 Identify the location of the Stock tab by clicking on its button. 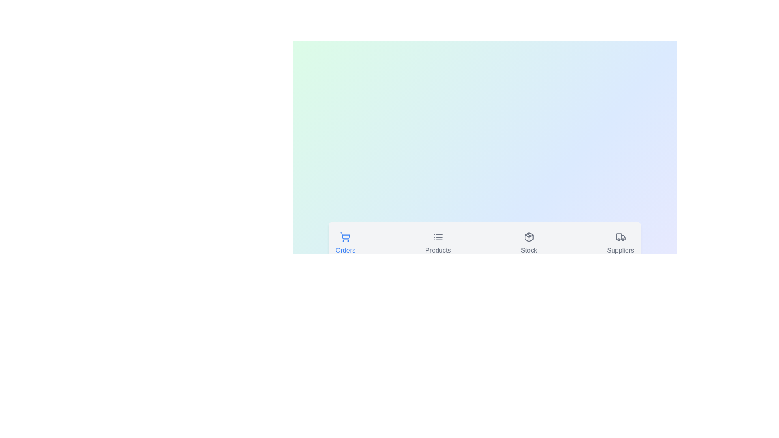
(528, 244).